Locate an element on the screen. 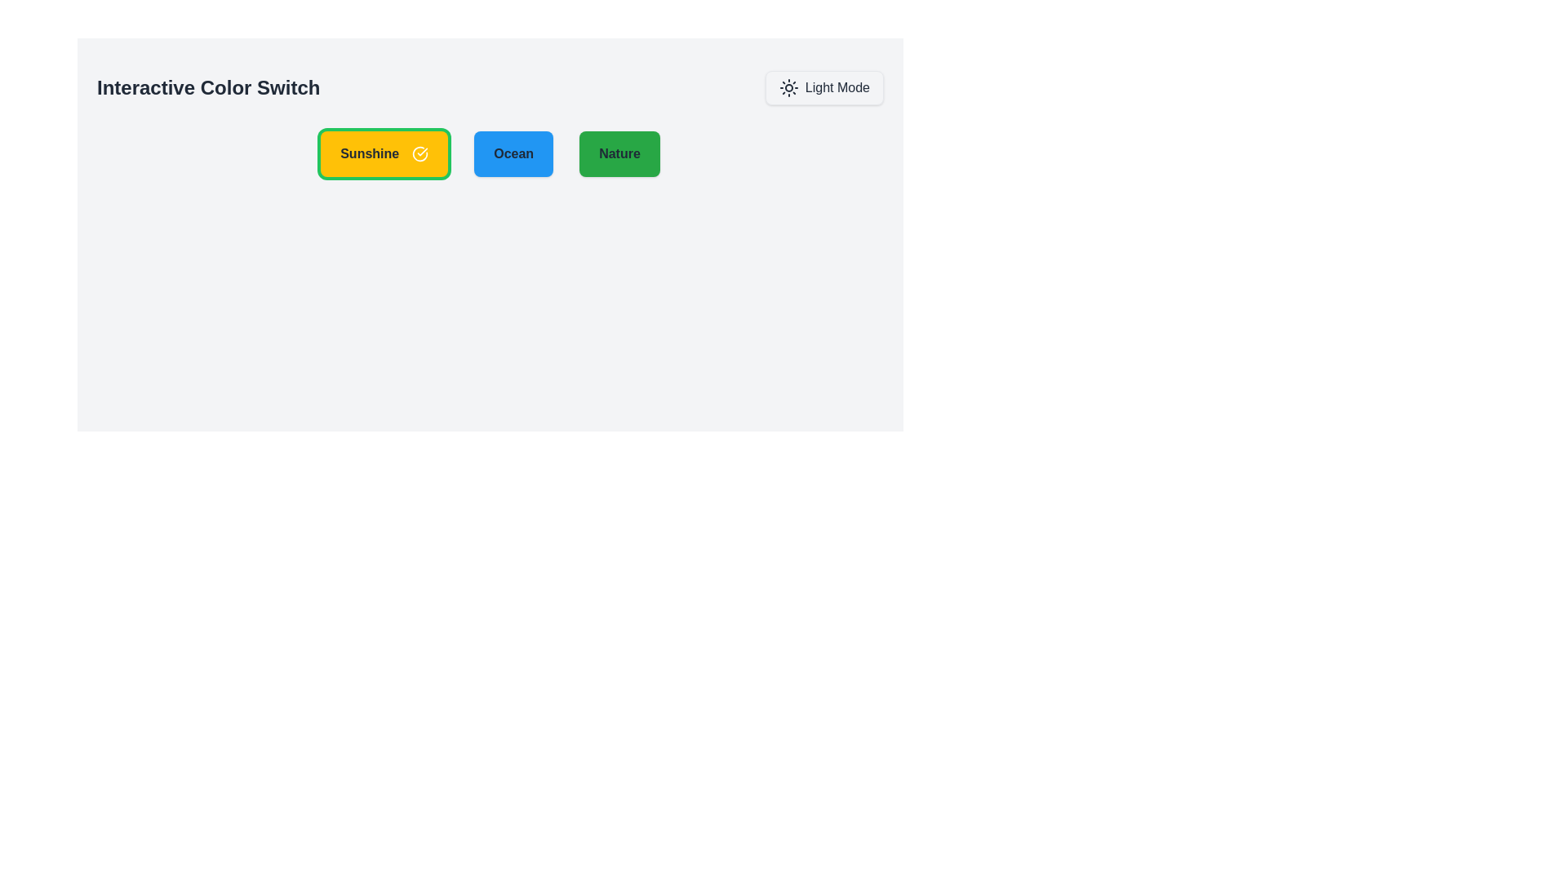 The image size is (1567, 881). the visual indicator icon located inside the yellow 'Sunshine' button, on its right side, slightly aligned to the center vertically is located at coordinates (420, 154).